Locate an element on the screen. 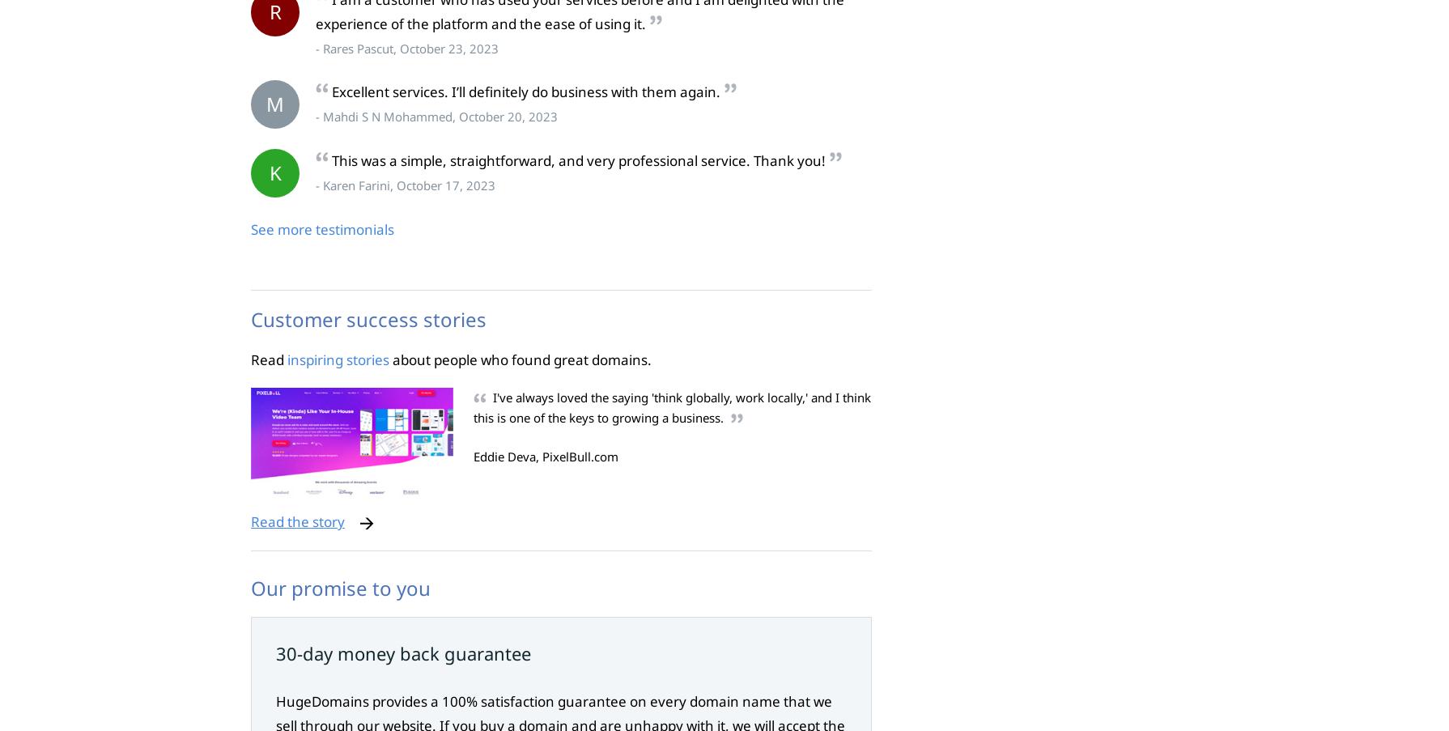 The height and width of the screenshot is (731, 1449). 'about people who found great domains.' is located at coordinates (519, 358).